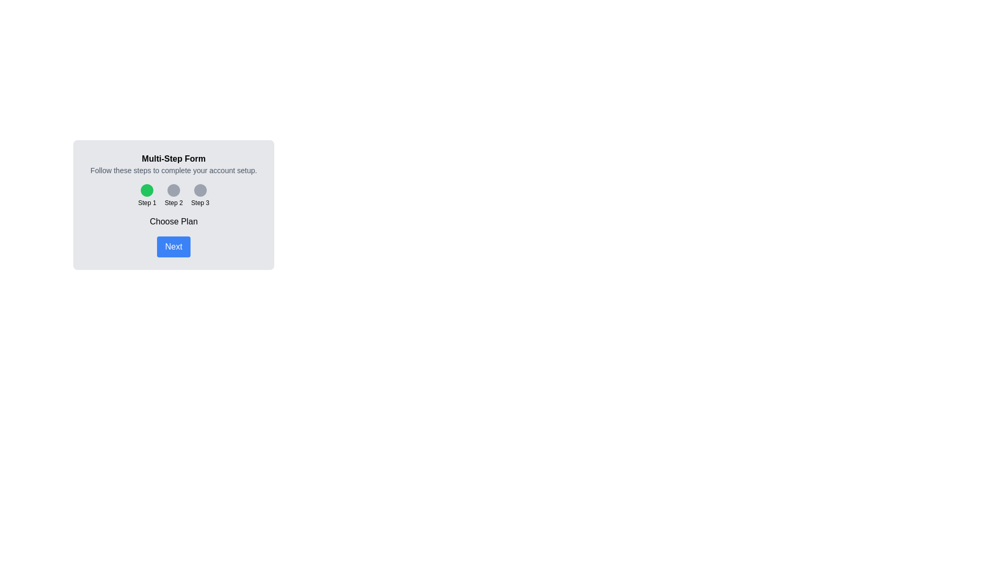 The width and height of the screenshot is (1005, 565). Describe the element at coordinates (200, 196) in the screenshot. I see `the step indicator for Step 3 to navigate to that step` at that location.